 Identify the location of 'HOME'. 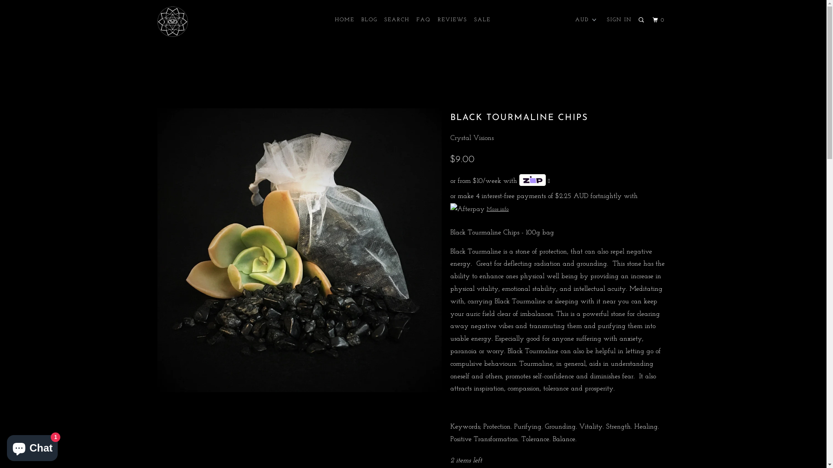
(344, 19).